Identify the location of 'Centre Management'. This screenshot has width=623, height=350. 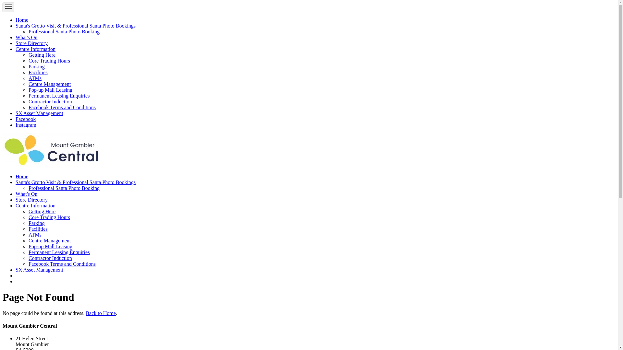
(49, 240).